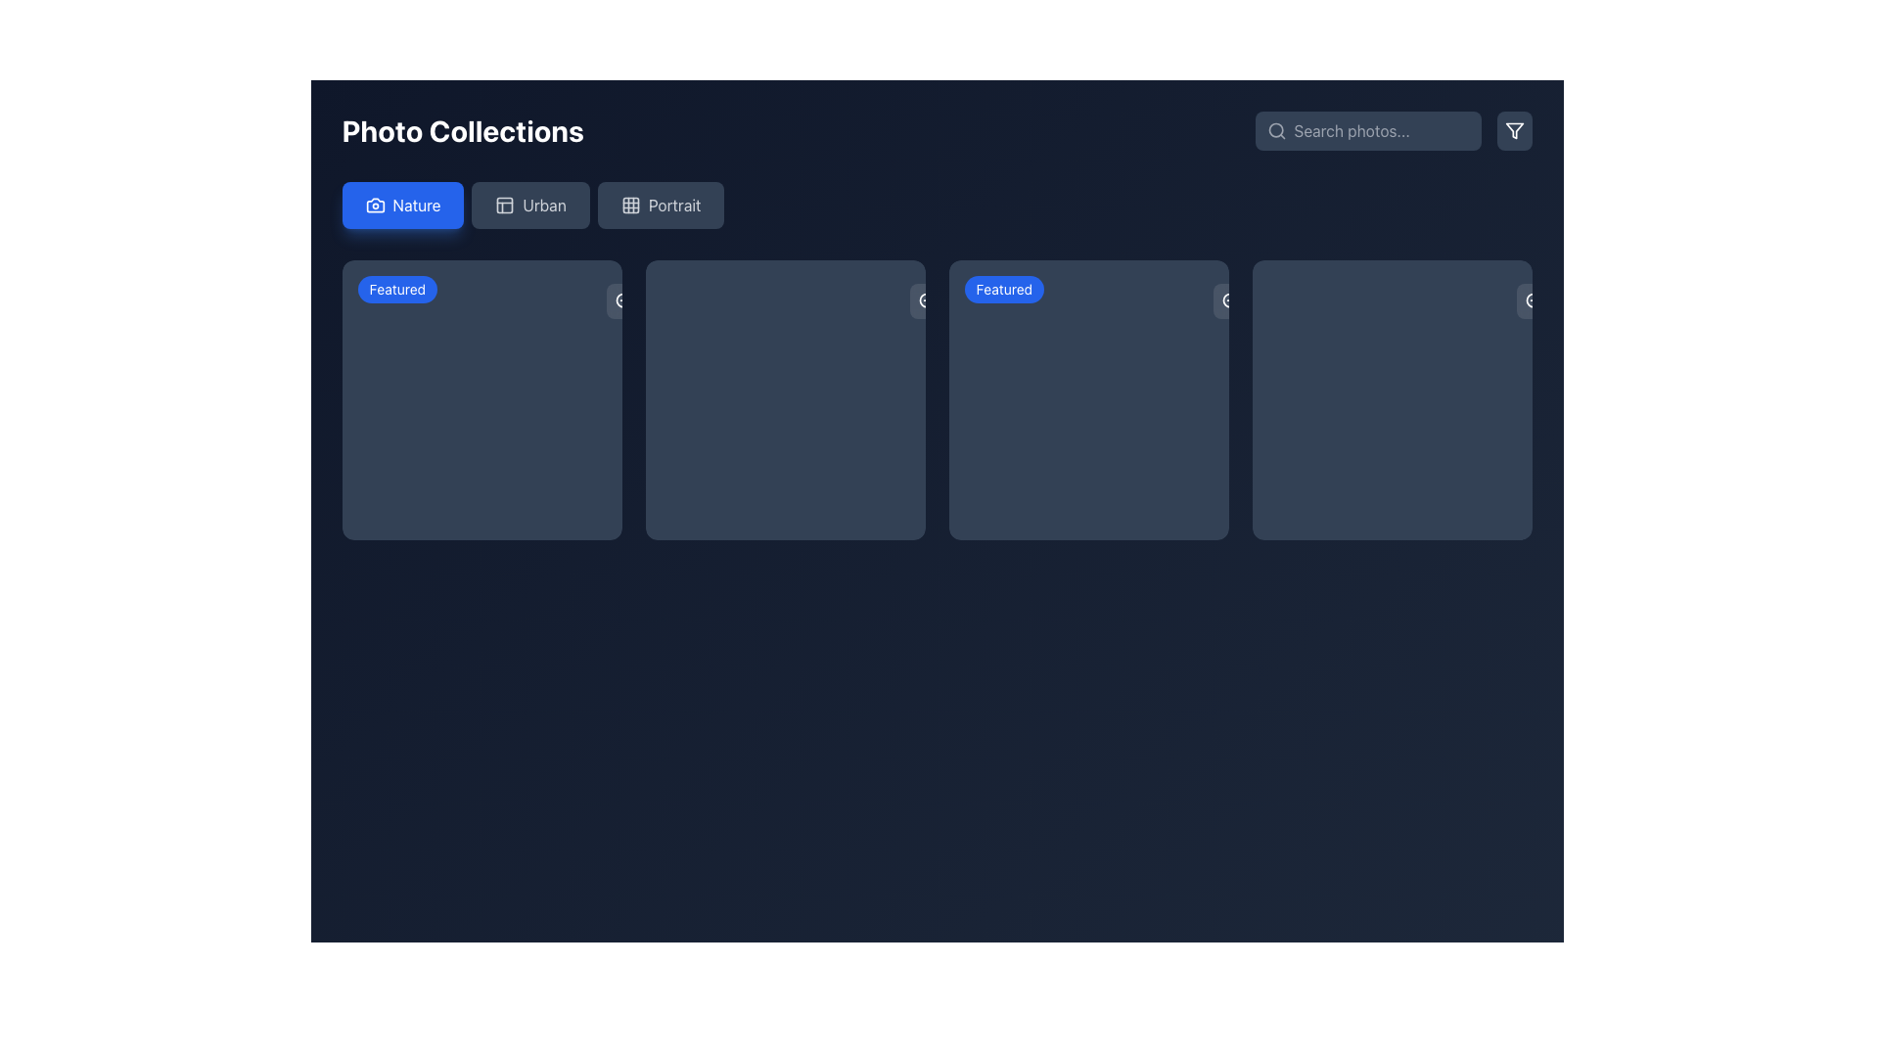  Describe the element at coordinates (622, 301) in the screenshot. I see `the 'zoom in' button located at the top-right corner of the first card in the grid layout` at that location.